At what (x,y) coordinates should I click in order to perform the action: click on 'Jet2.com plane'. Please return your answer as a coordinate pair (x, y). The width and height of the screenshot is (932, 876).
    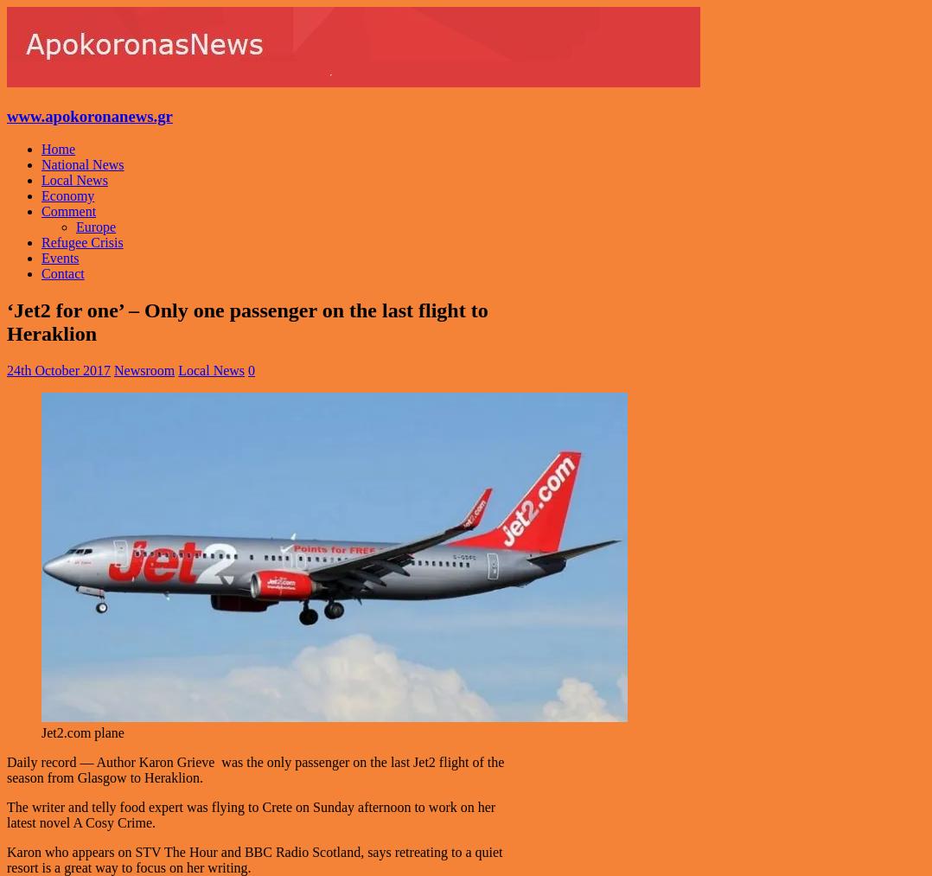
    Looking at the image, I should click on (81, 732).